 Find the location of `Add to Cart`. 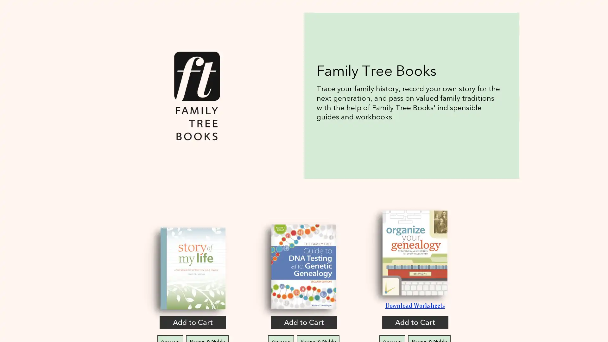

Add to Cart is located at coordinates (303, 322).